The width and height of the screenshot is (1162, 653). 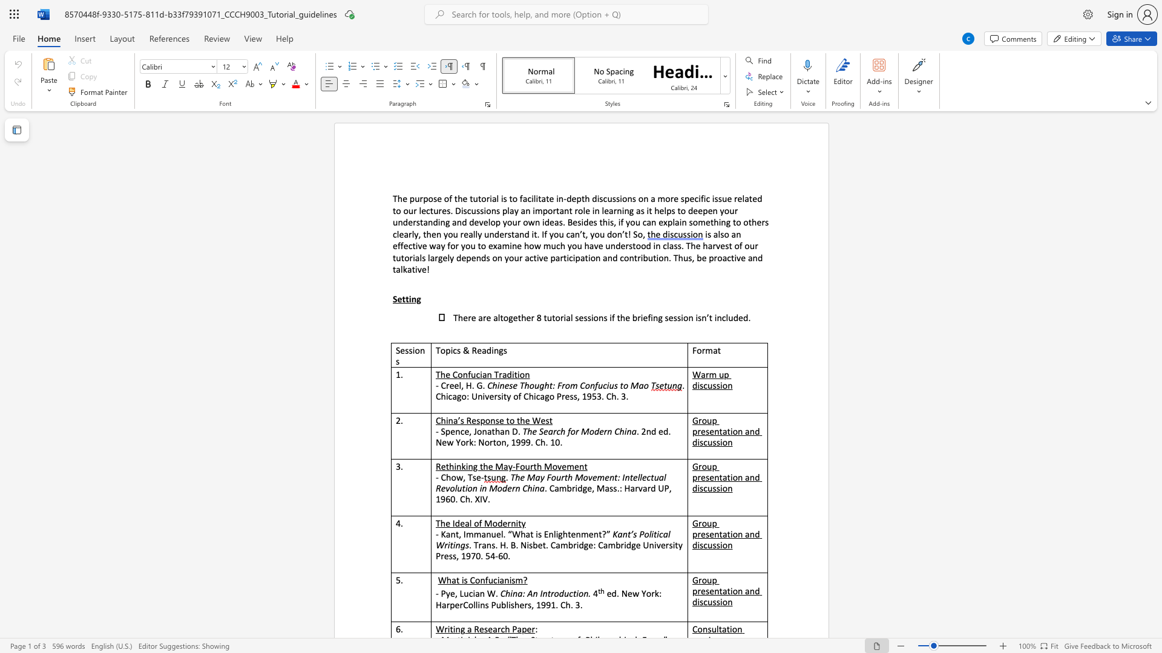 I want to click on the subset text "tatio" within the text "Group presentation and discussion", so click(x=719, y=430).